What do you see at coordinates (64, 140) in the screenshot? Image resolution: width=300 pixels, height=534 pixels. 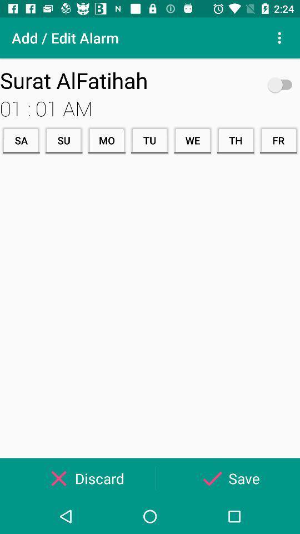 I see `su` at bounding box center [64, 140].